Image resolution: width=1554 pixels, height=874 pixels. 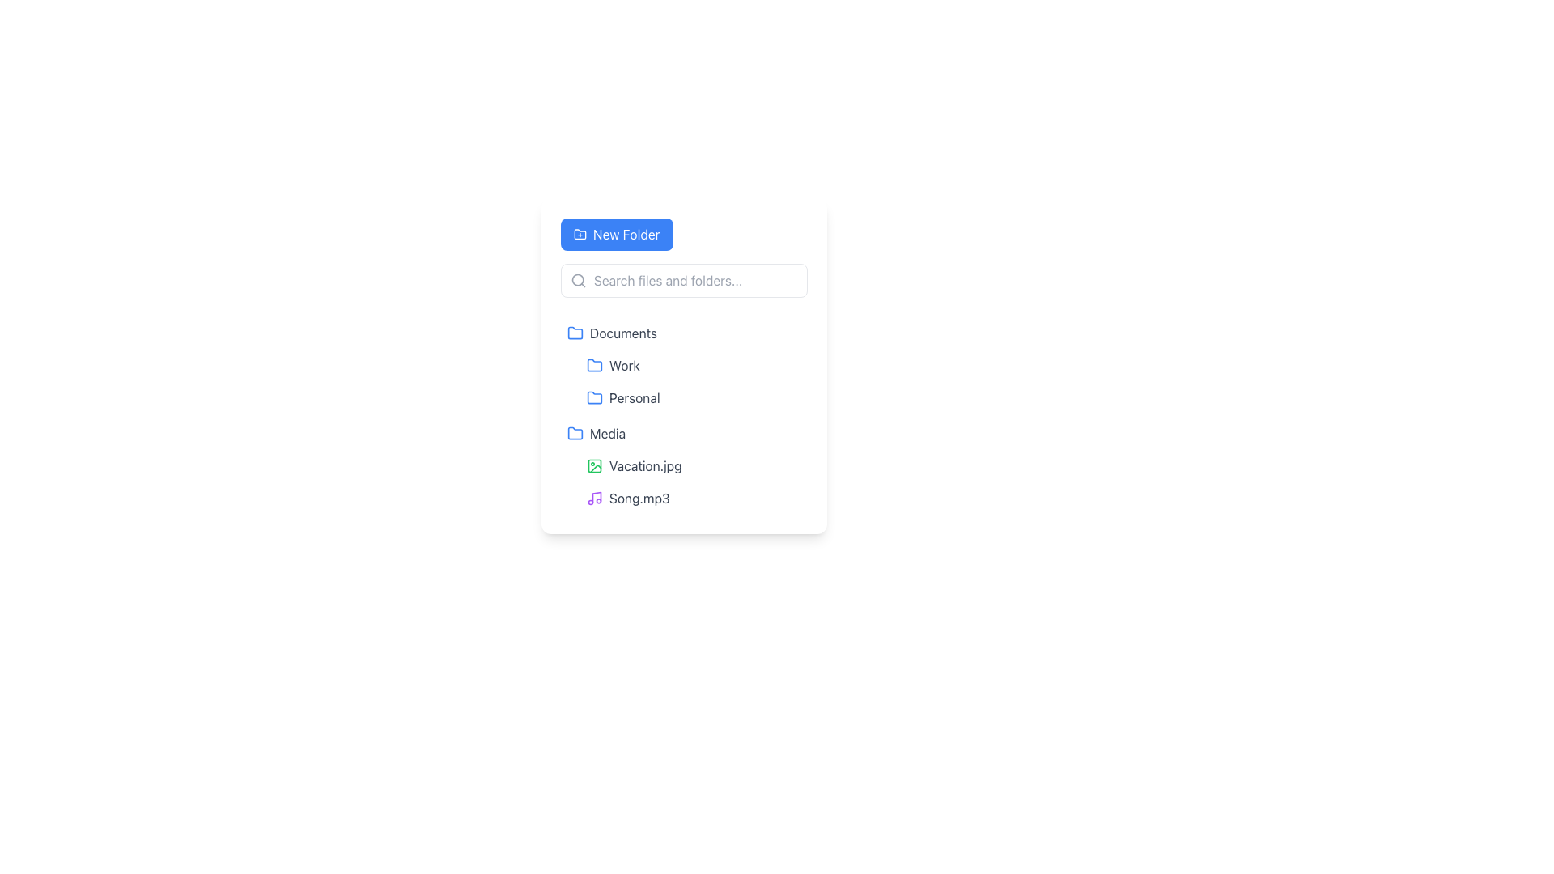 What do you see at coordinates (580, 234) in the screenshot?
I see `the blue and white folder icon located near the top-left corner of the UI interface next to the label 'New Folder'` at bounding box center [580, 234].